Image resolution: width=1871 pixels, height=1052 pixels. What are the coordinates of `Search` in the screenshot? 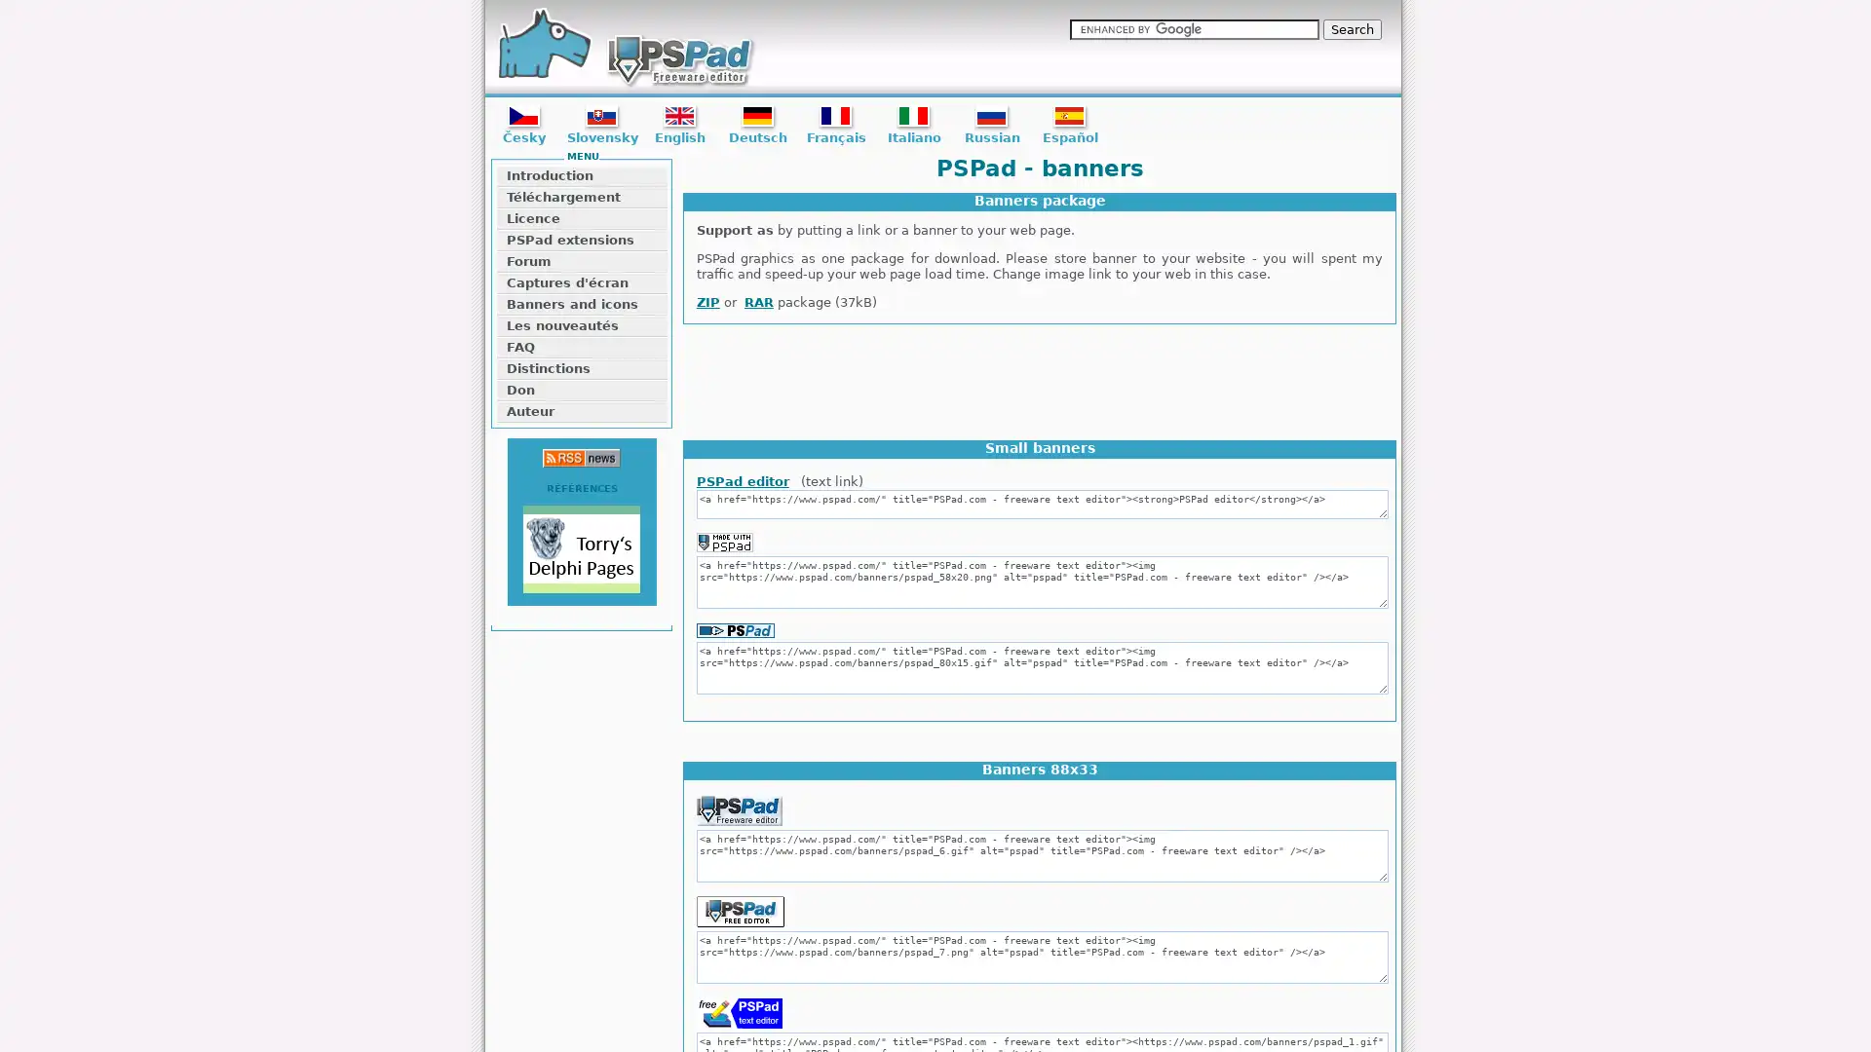 It's located at (1351, 29).